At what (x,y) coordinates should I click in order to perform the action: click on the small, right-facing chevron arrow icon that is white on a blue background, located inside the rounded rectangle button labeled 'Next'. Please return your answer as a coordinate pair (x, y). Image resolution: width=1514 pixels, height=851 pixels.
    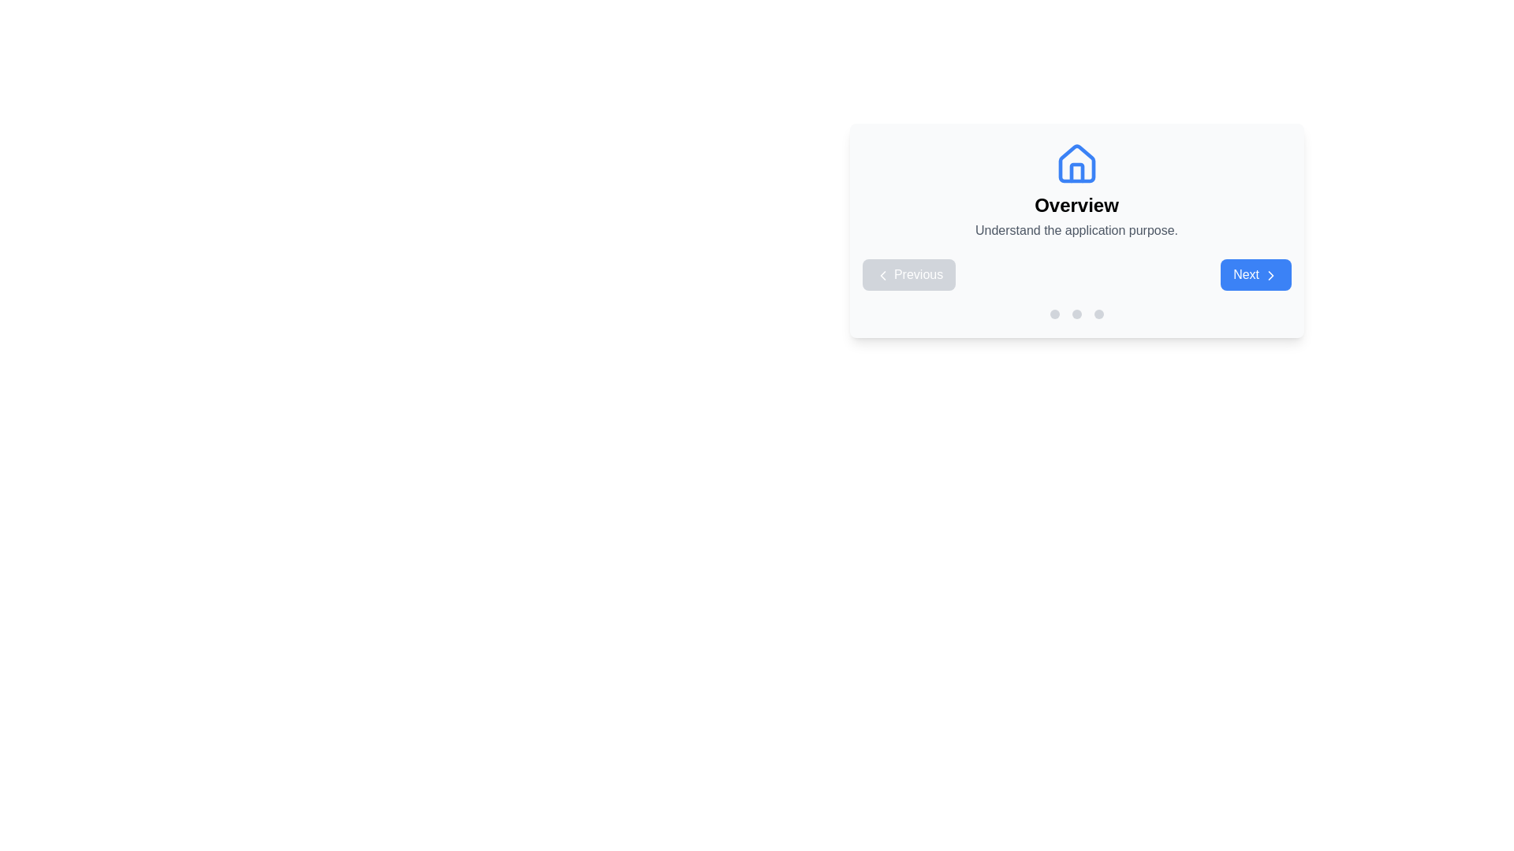
    Looking at the image, I should click on (1270, 274).